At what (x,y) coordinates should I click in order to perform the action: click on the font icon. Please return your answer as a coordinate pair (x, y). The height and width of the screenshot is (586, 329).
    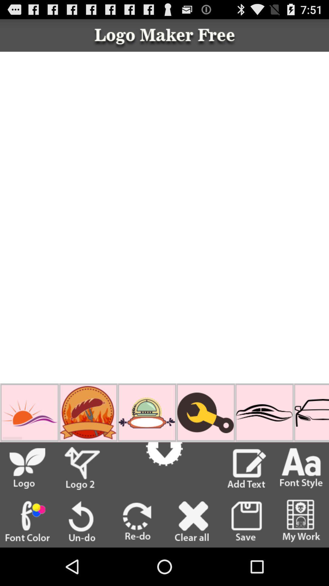
    Looking at the image, I should click on (301, 501).